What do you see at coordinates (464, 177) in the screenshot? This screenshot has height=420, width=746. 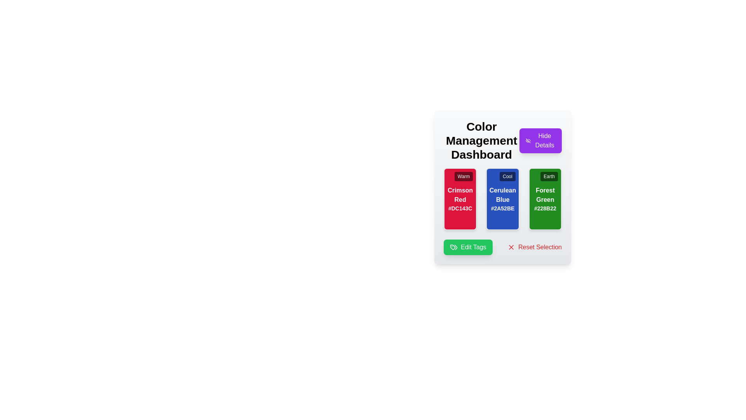 I see `the 'Warm' label, which is a small rectangular tag with a white sans-serif font on a semi-transparent black background, located in the top-right corner of the red card labeled 'Crimson Red'` at bounding box center [464, 177].